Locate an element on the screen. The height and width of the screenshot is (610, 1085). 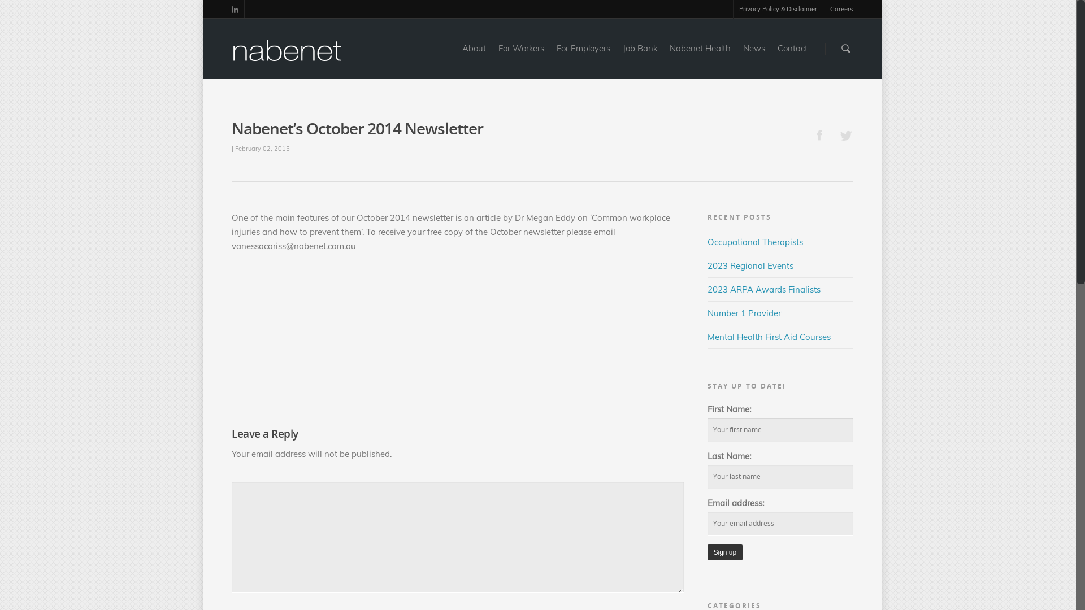
'News' is located at coordinates (754, 56).